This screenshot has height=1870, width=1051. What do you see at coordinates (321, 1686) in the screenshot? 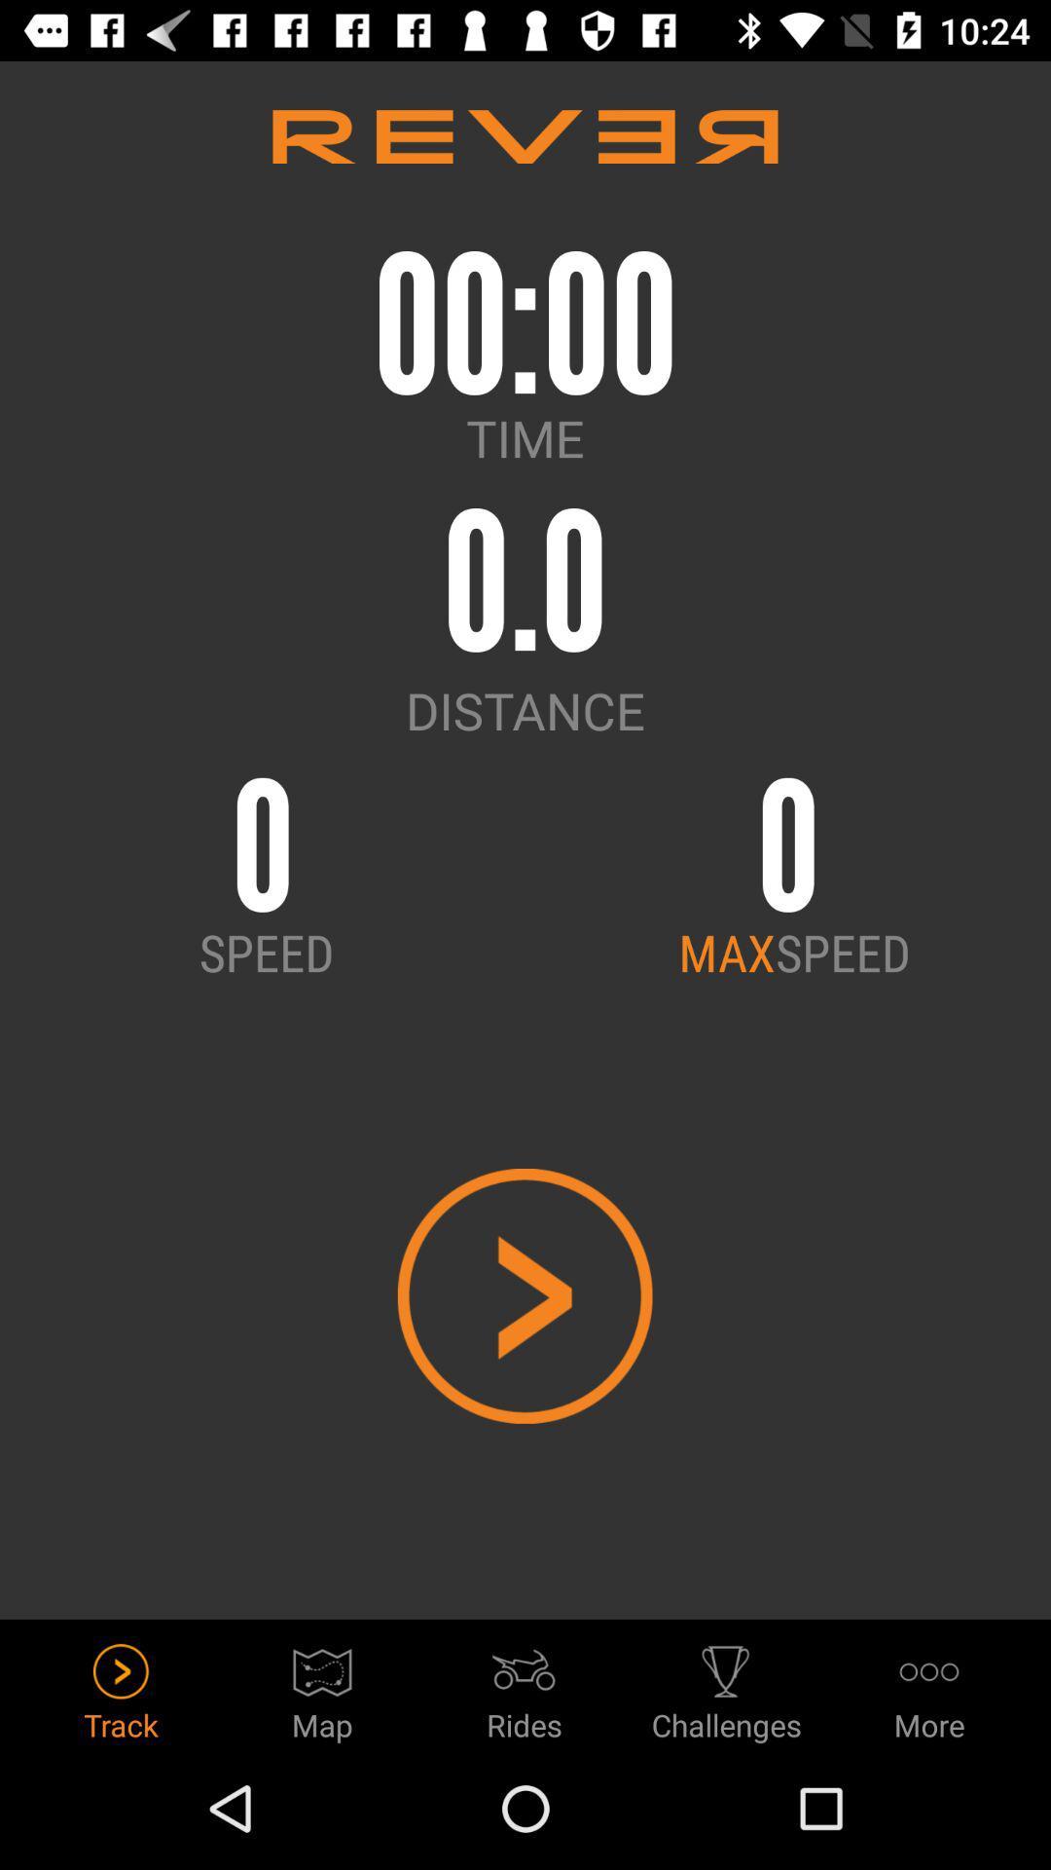
I see `item to the right of track` at bounding box center [321, 1686].